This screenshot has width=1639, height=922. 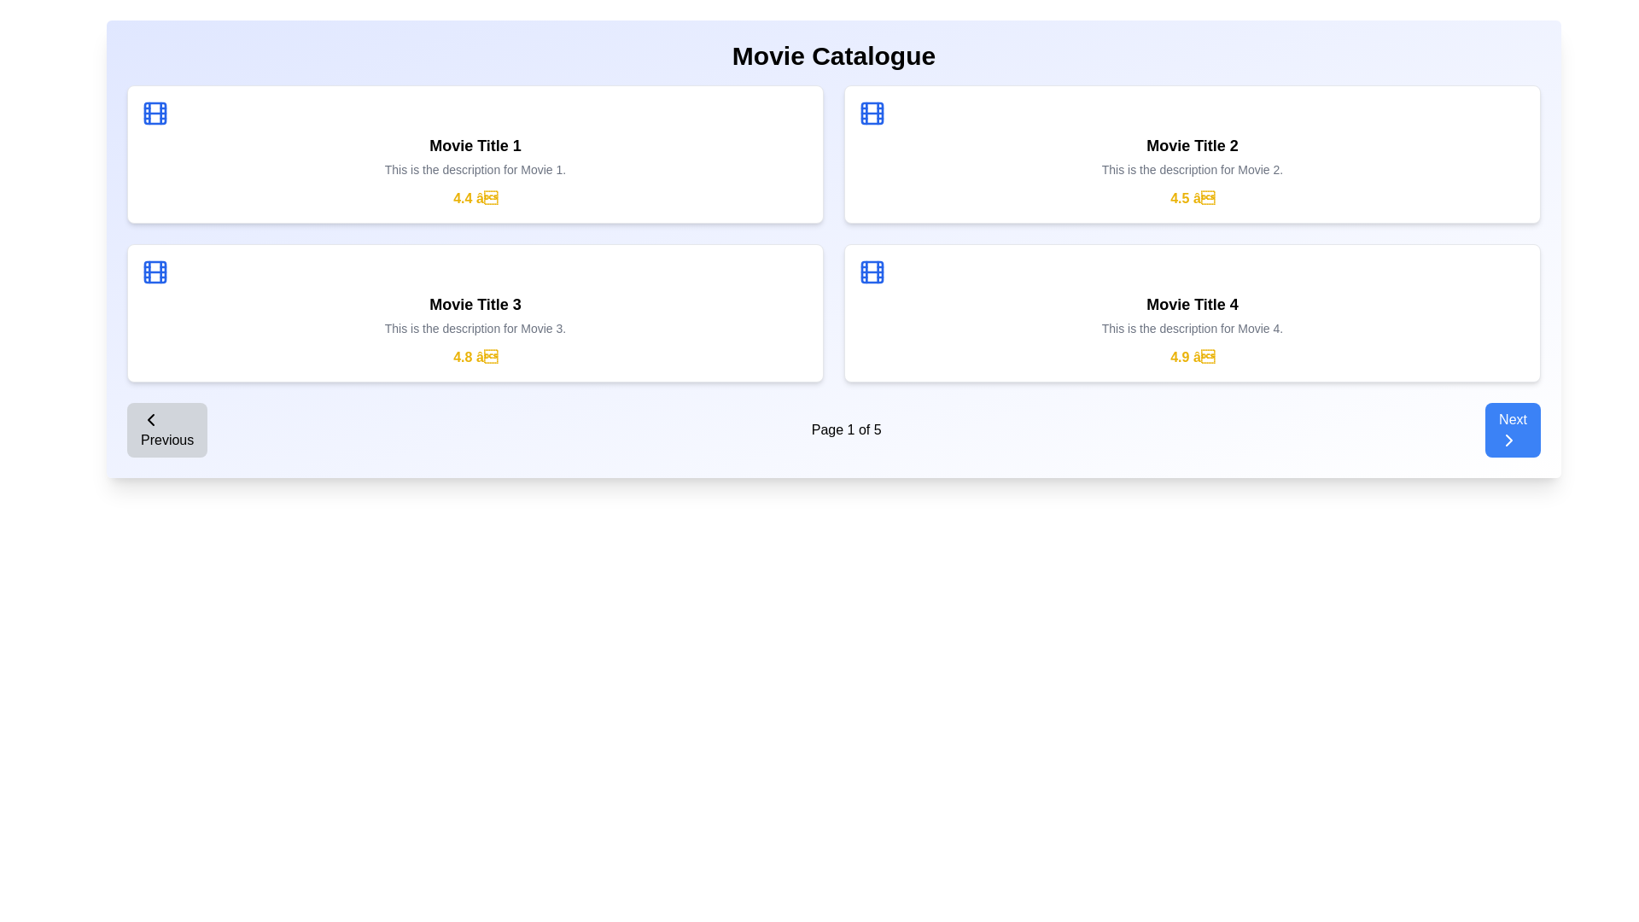 What do you see at coordinates (1191, 155) in the screenshot?
I see `the Card displaying movie information that contains the blue film icon, the text 'Movie Title 2' in bold, a description stating 'This is the description for Movie 2.', and a rating of 4.5 stars styled in yellow` at bounding box center [1191, 155].